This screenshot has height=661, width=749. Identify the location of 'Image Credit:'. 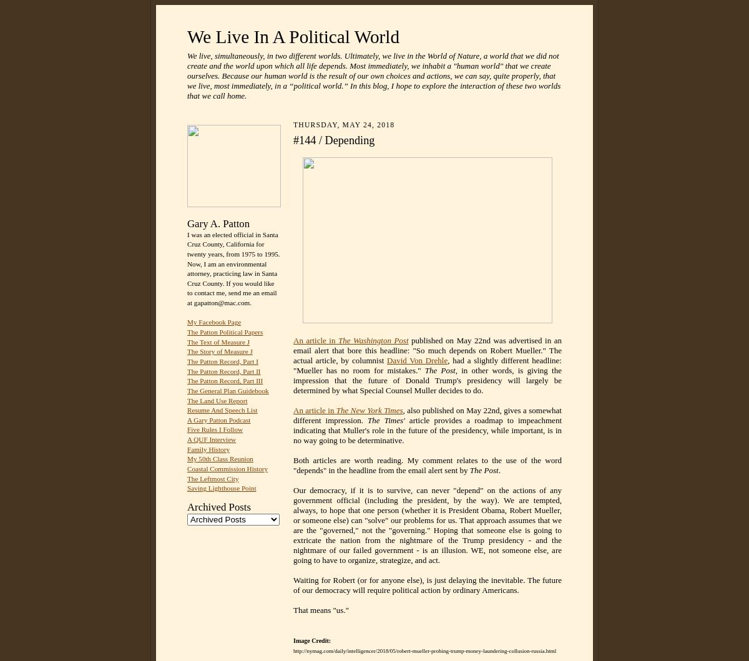
(311, 640).